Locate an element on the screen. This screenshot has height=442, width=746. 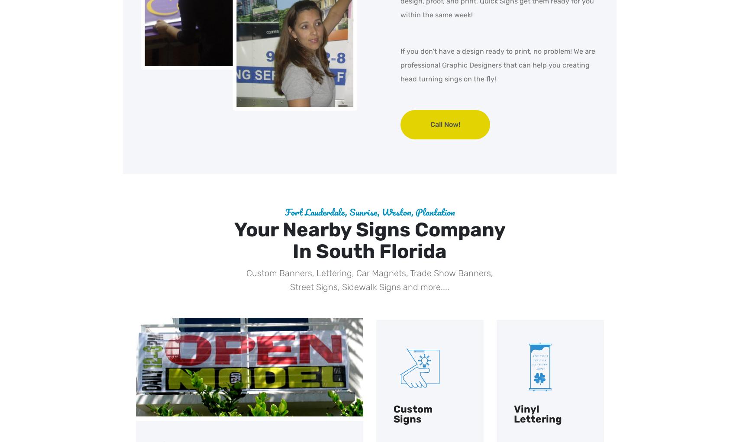
'Street
            Signs, Sidewalk Signs and more....' is located at coordinates (369, 287).